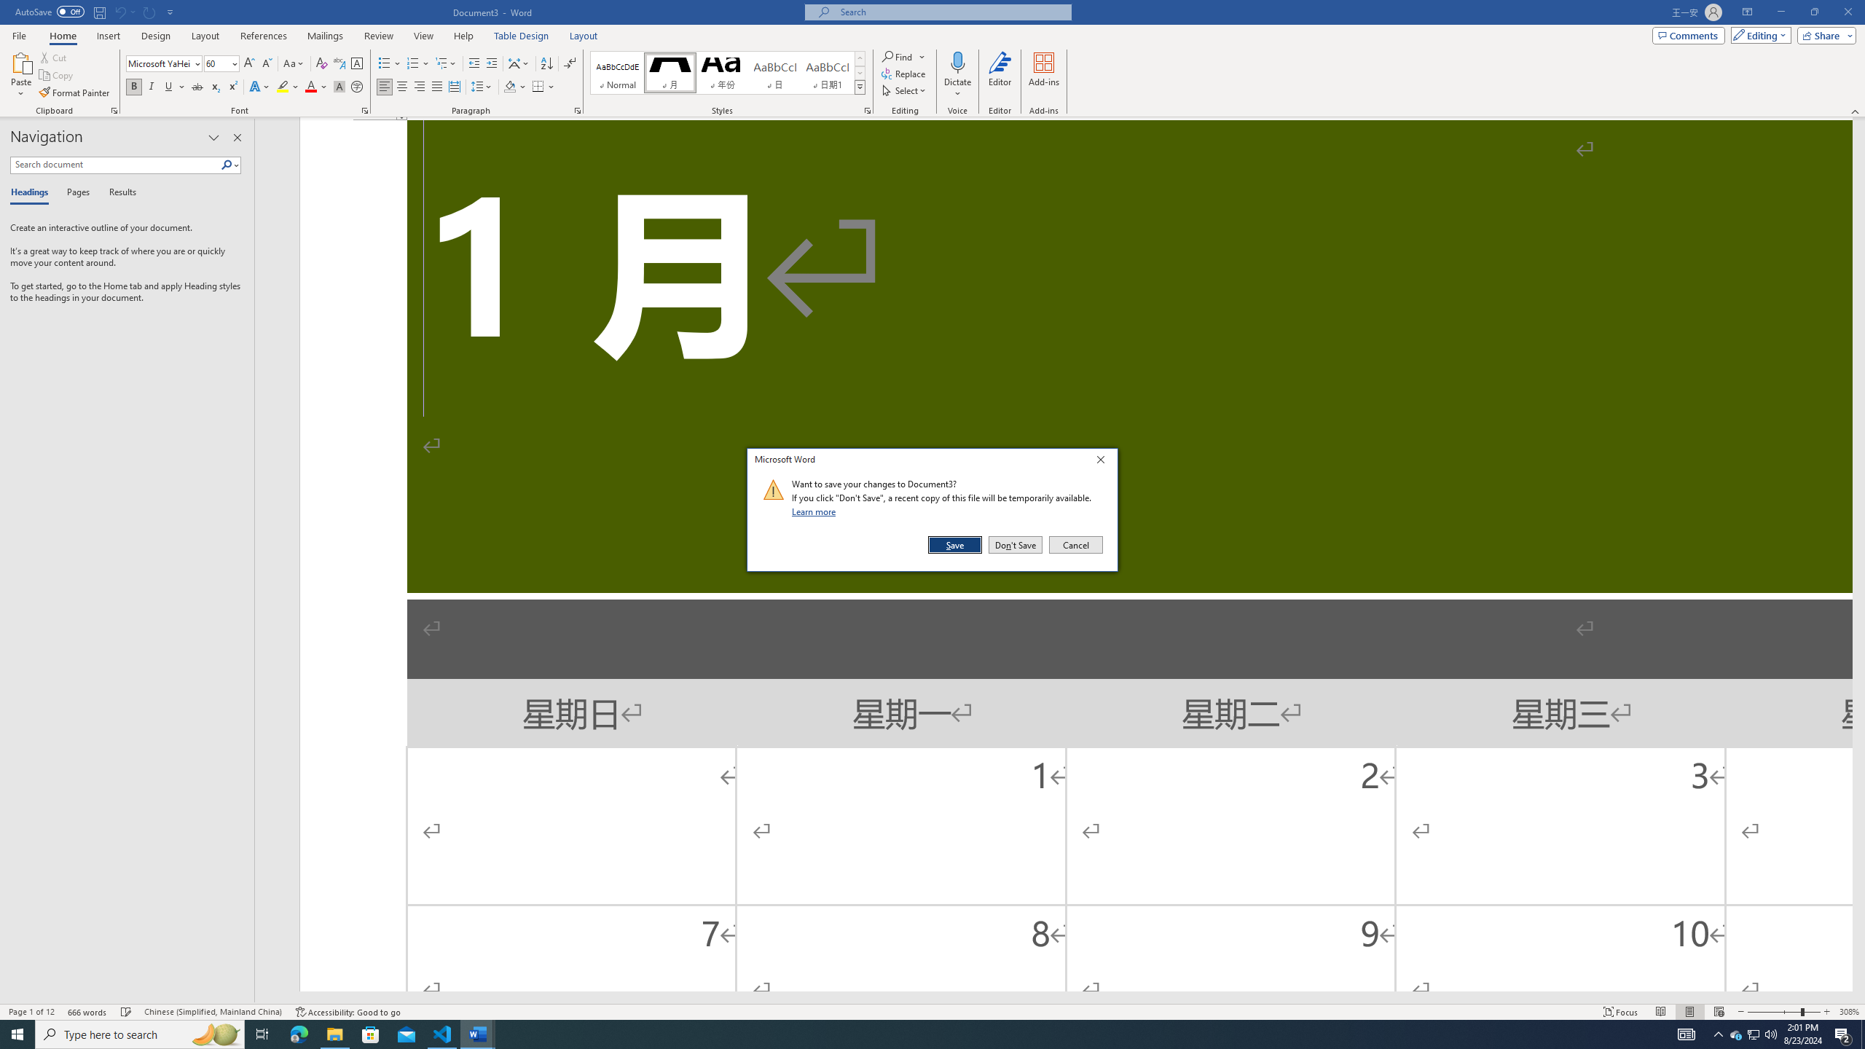 The image size is (1865, 1049). What do you see at coordinates (1660, 1012) in the screenshot?
I see `'Read Mode'` at bounding box center [1660, 1012].